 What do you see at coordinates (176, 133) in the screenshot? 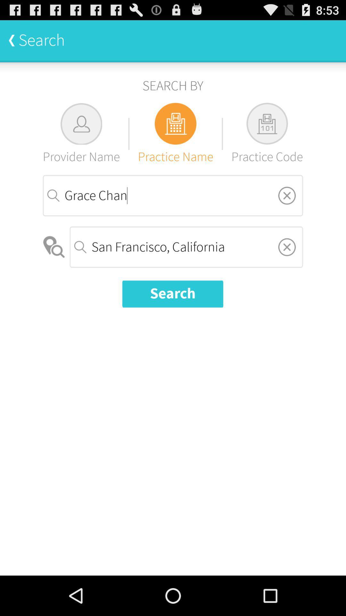
I see `the icon below the search by item` at bounding box center [176, 133].